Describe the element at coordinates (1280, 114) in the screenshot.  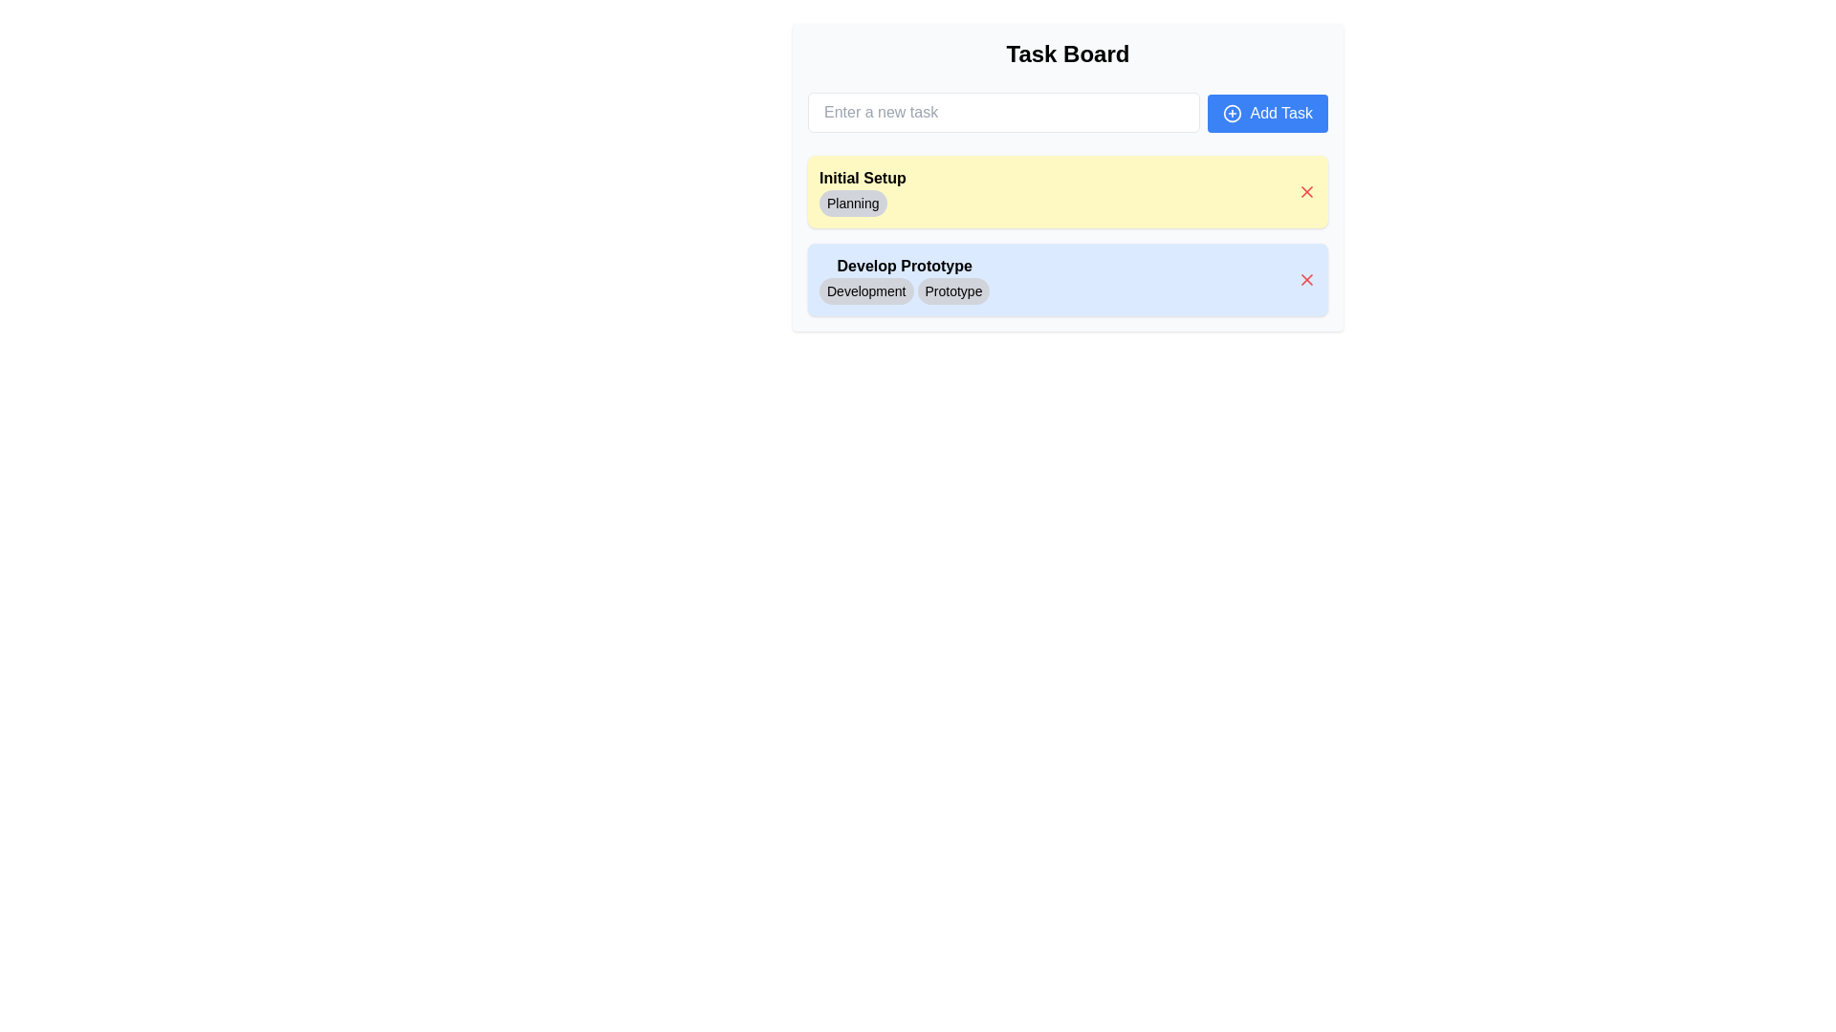
I see `the 'Add Task' button, which is identified by the static text label displayed on it, located in the top-right corner of the task board interface` at that location.